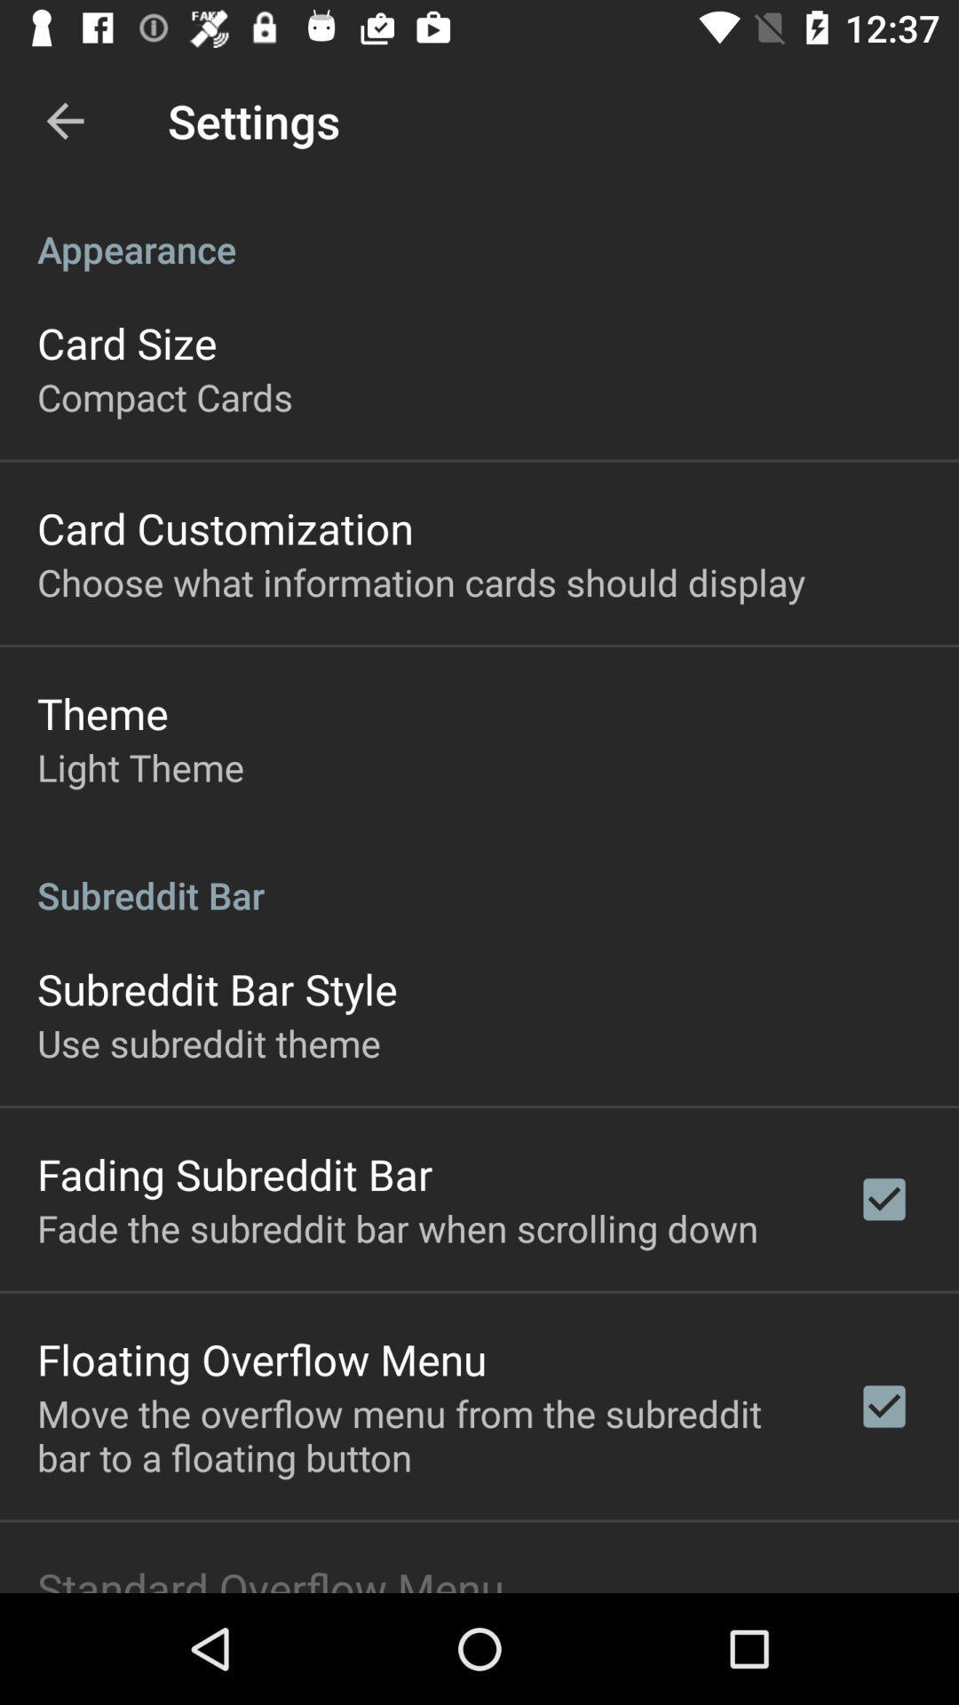 The width and height of the screenshot is (959, 1705). I want to click on the compact cards icon, so click(164, 395).